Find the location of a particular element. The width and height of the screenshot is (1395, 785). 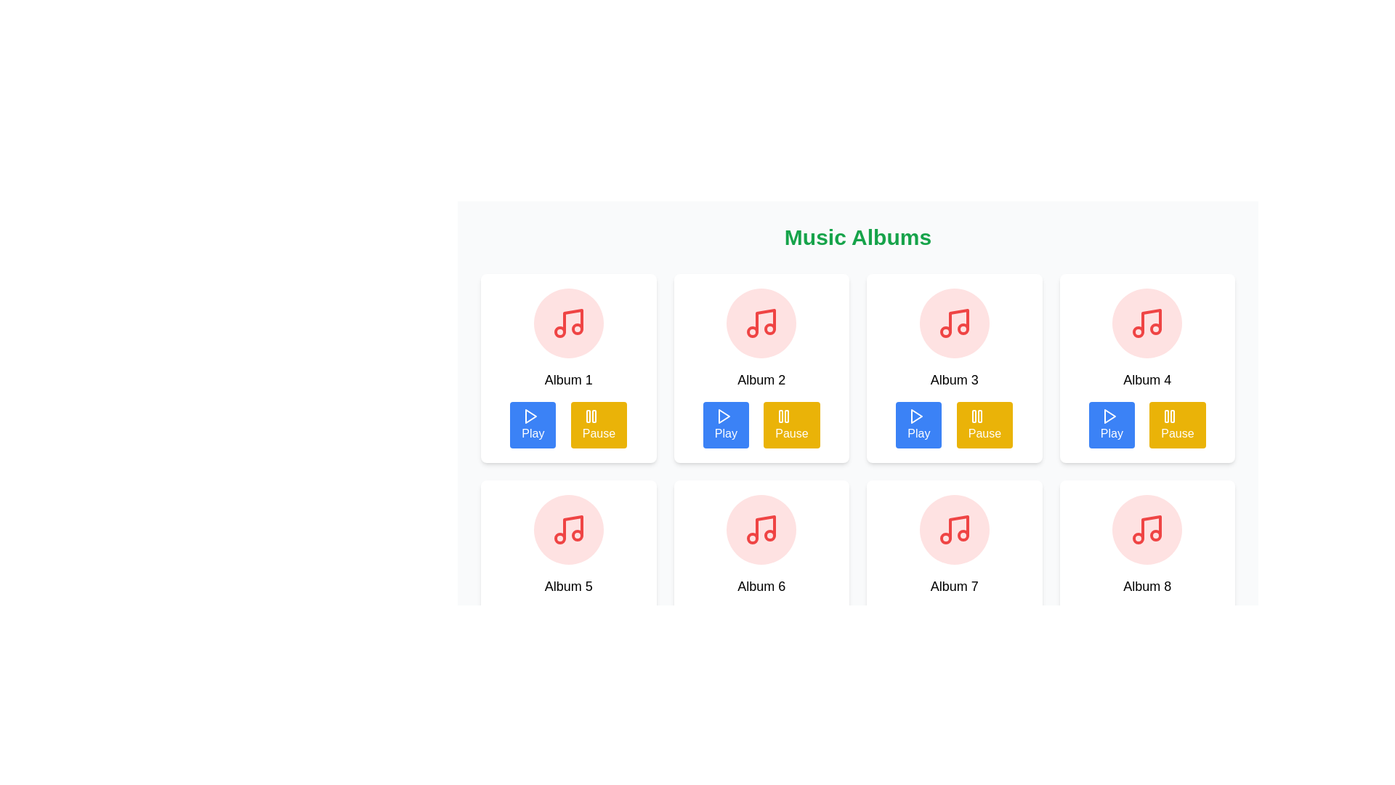

the 'Play' button located in the control panel of 'Album 1' to initiate playback is located at coordinates (567, 425).